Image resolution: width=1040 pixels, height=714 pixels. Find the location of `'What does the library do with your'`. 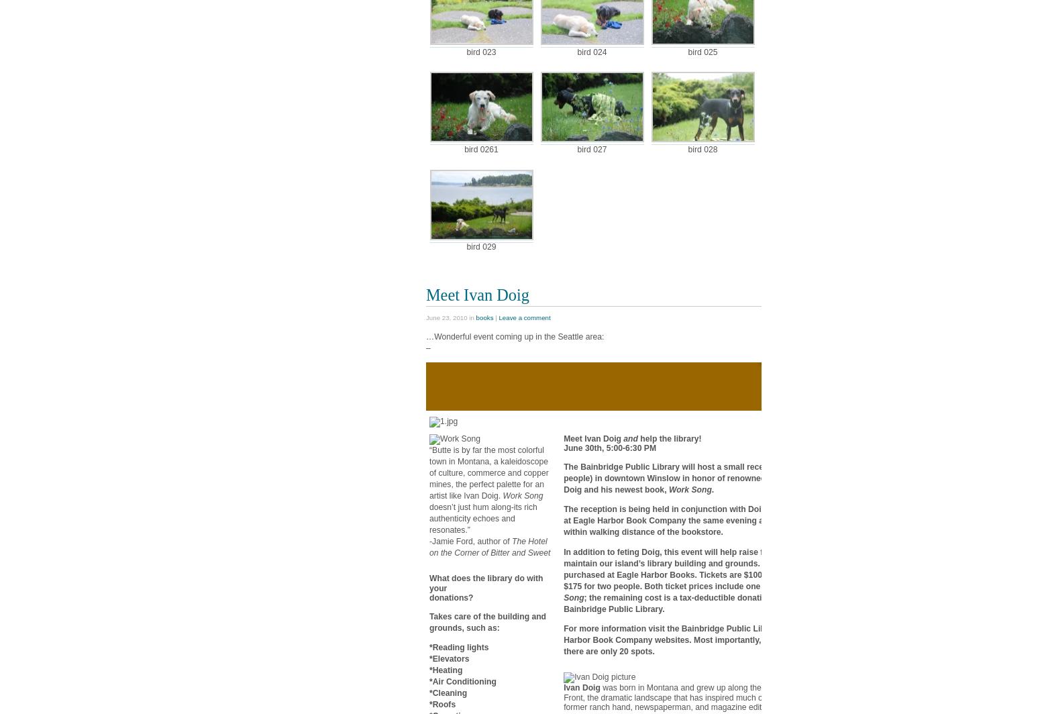

'What does the library do with your' is located at coordinates (486, 582).